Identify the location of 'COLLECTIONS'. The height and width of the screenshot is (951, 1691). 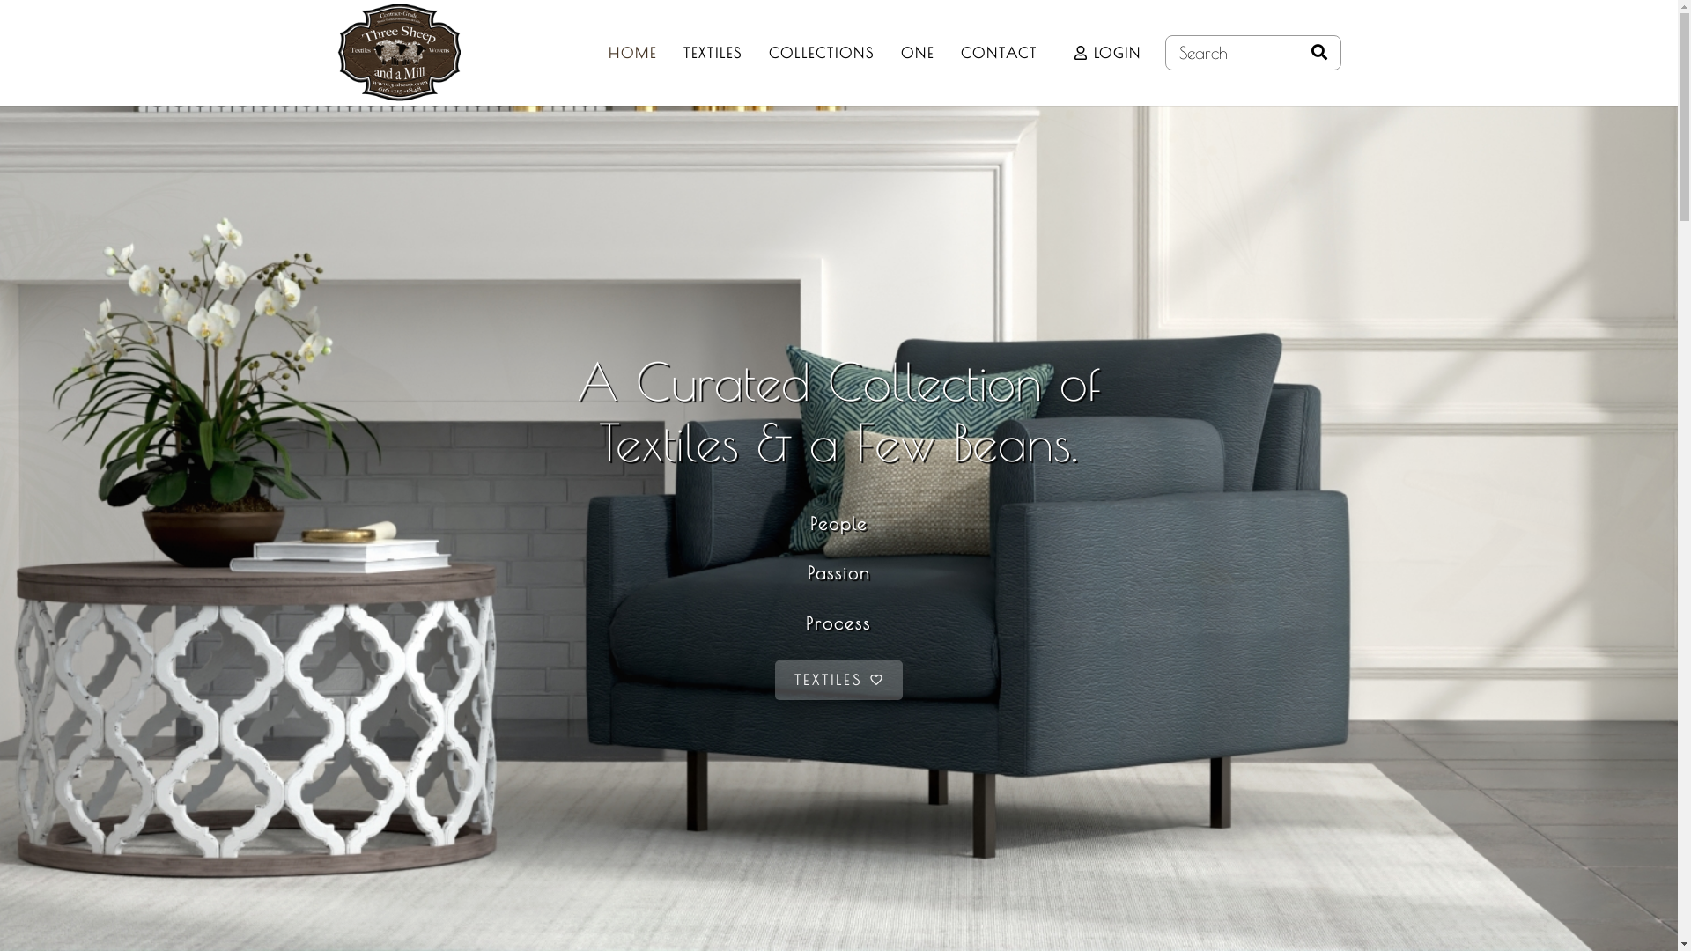
(820, 52).